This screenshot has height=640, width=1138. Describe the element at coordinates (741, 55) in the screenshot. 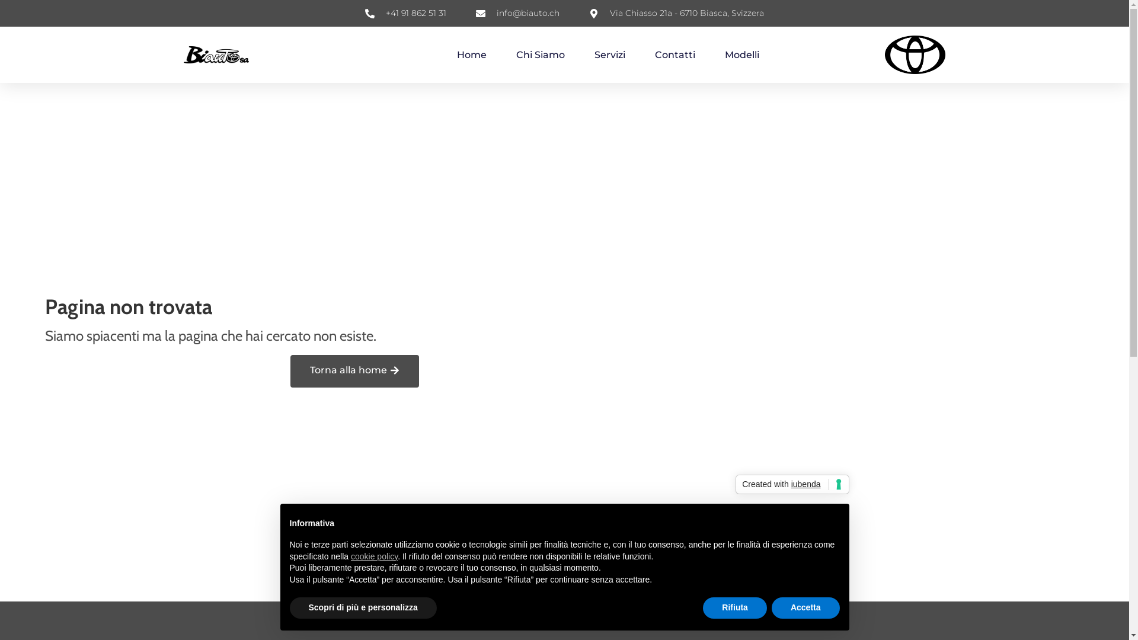

I see `'Modelli'` at that location.